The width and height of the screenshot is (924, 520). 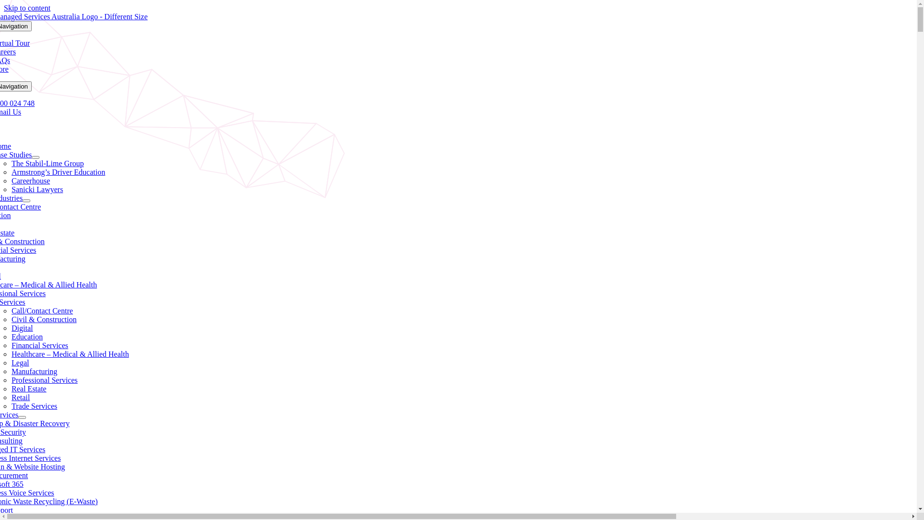 I want to click on 'Trade Services', so click(x=34, y=406).